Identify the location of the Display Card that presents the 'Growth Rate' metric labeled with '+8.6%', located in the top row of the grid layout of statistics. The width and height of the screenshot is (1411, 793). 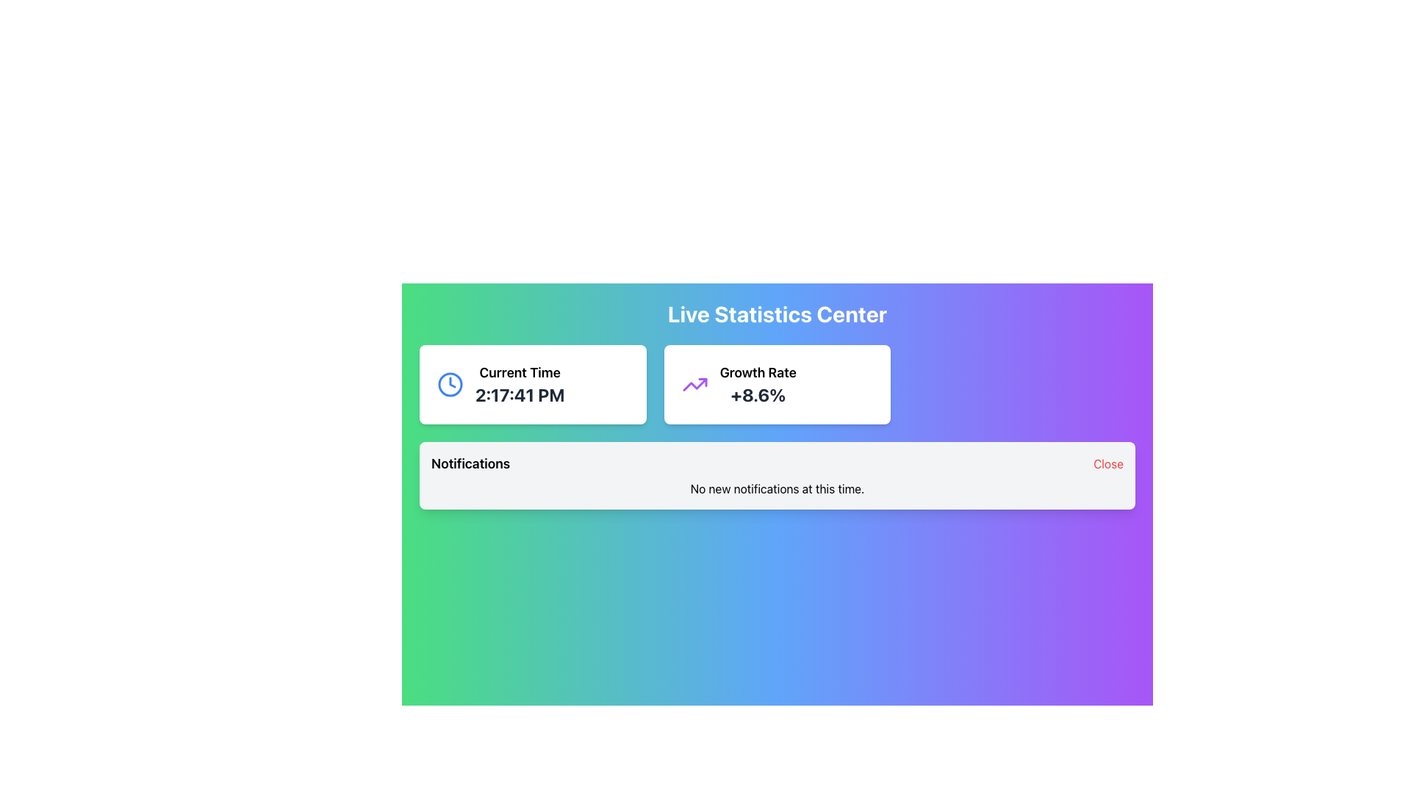
(776, 384).